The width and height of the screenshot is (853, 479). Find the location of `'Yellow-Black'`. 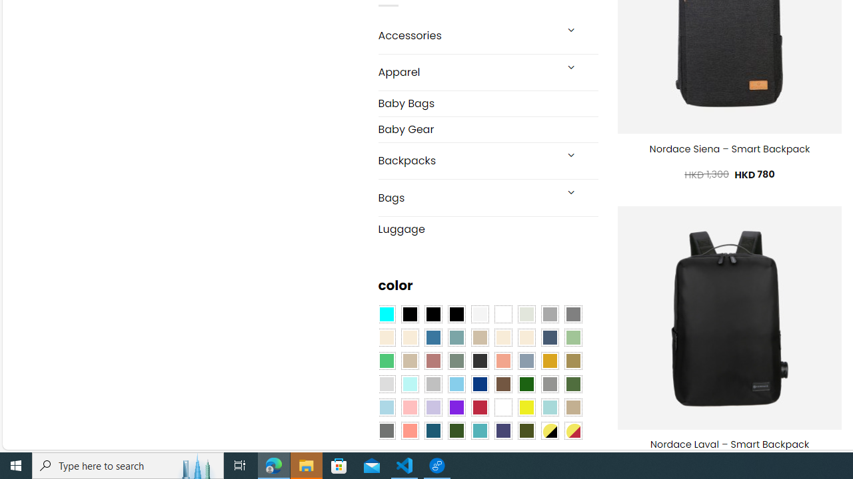

'Yellow-Black' is located at coordinates (549, 431).